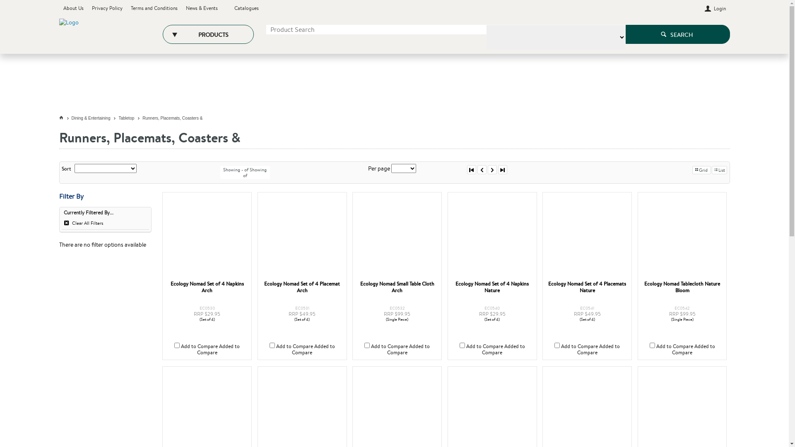  I want to click on 'Added to Compare', so click(503, 349).